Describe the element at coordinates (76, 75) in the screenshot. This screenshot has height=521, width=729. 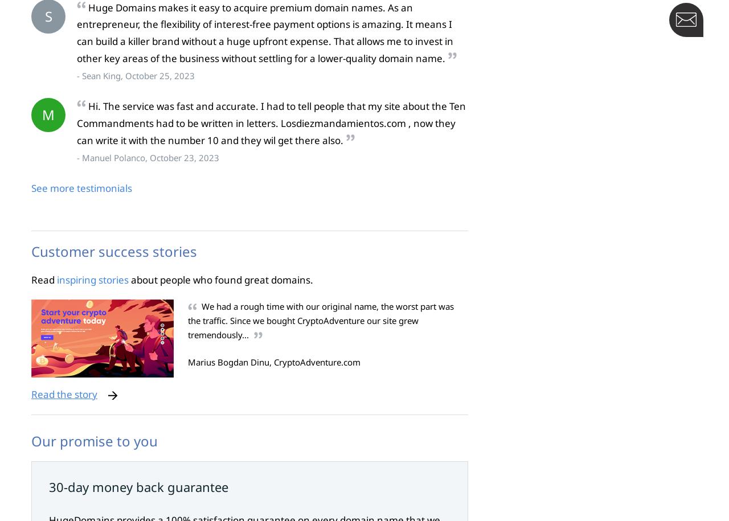
I see `'- Sean King, October 25, 2023'` at that location.